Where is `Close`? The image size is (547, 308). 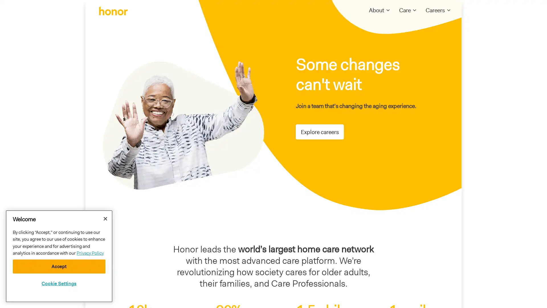
Close is located at coordinates (105, 218).